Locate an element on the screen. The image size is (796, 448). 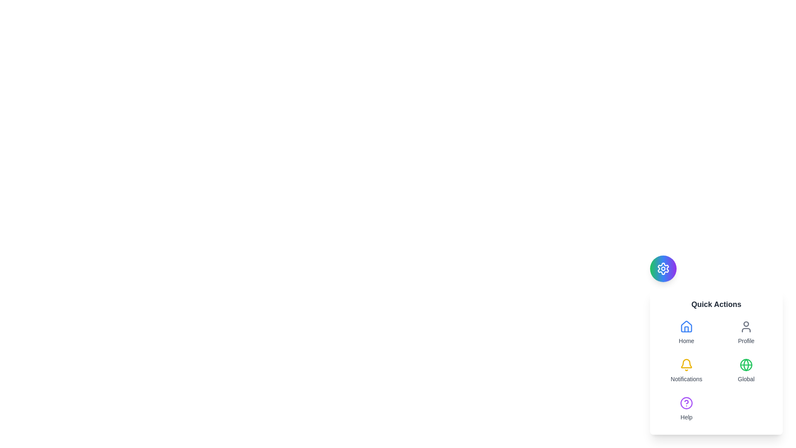
the 'Help' icon located in the bottom section of the 'Quick Actions' panel is located at coordinates (687, 403).